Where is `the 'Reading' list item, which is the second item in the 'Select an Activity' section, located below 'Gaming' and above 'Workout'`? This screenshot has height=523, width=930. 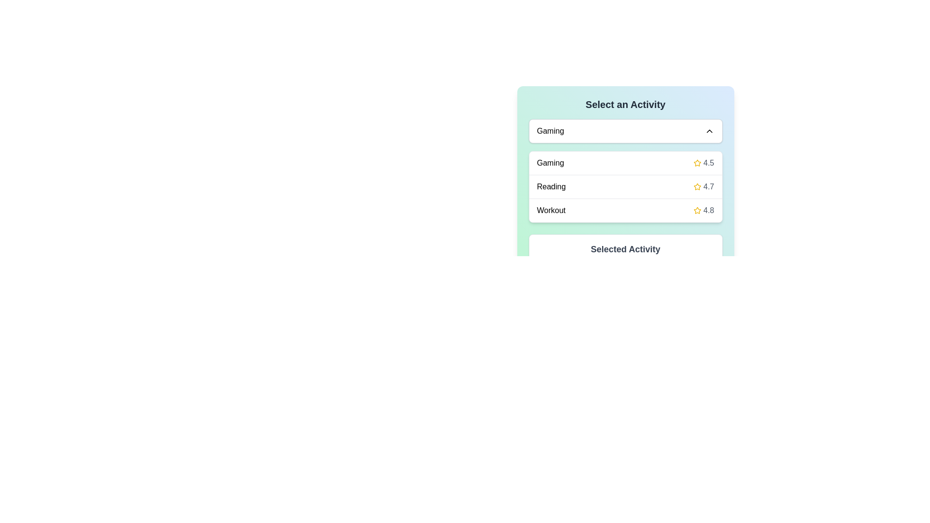 the 'Reading' list item, which is the second item in the 'Select an Activity' section, located below 'Gaming' and above 'Workout' is located at coordinates (625, 186).